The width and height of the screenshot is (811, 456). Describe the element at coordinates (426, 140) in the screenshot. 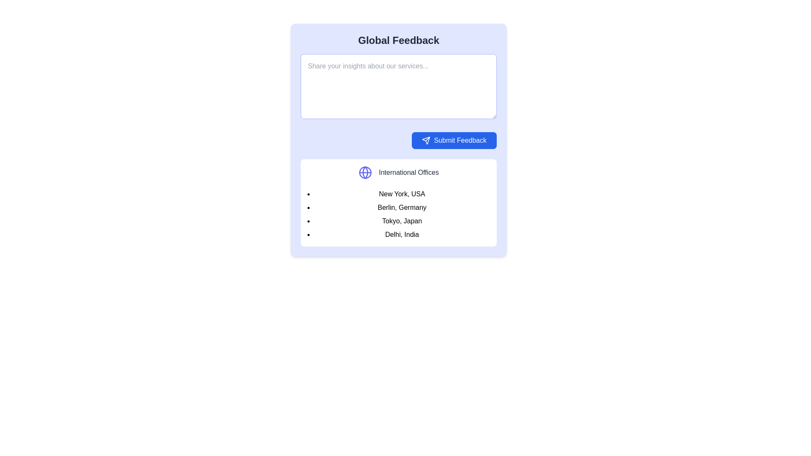

I see `the 'Submit Feedback' button, which is visually enhanced by the icon located to the immediate left of the text within a blue button below a text area in the central panel` at that location.